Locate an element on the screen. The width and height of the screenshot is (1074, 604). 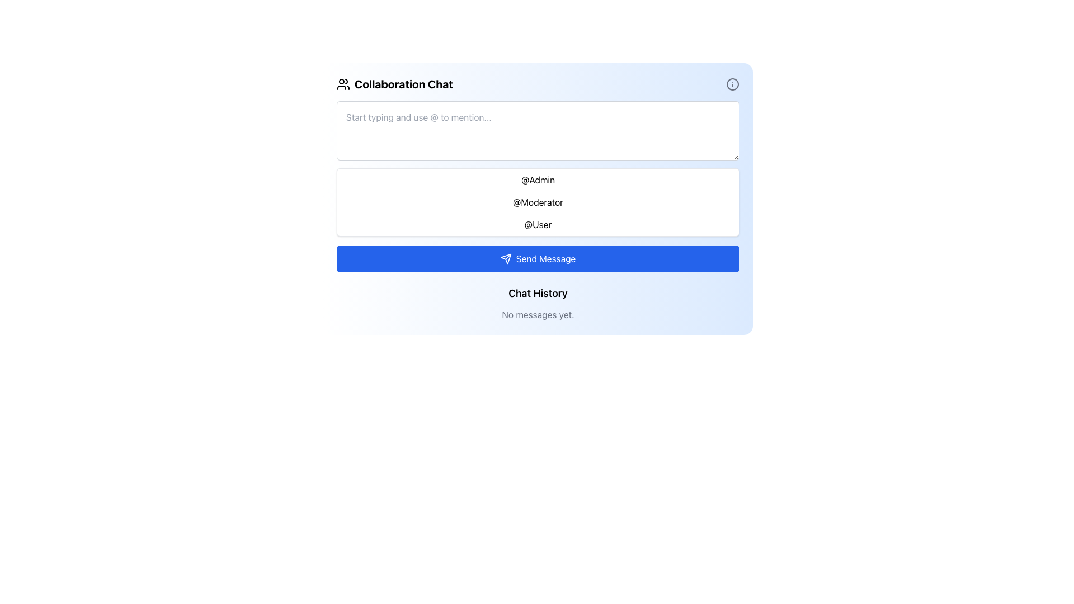
the SVG Icon representing the action of sending a message, located inside the blue 'Send Message' button at the bottom center of the interface is located at coordinates (505, 258).